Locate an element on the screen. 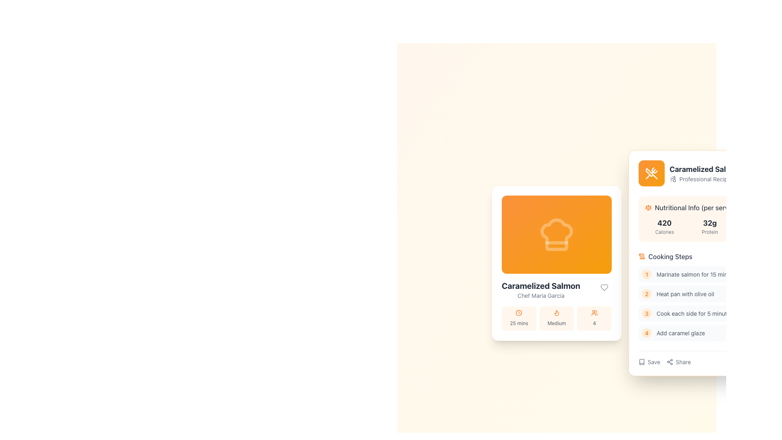 The image size is (782, 440). the 'Save' option in the Interactive Menu located at the bottom of the recipe panel to bookmark the recipe is located at coordinates (665, 361).